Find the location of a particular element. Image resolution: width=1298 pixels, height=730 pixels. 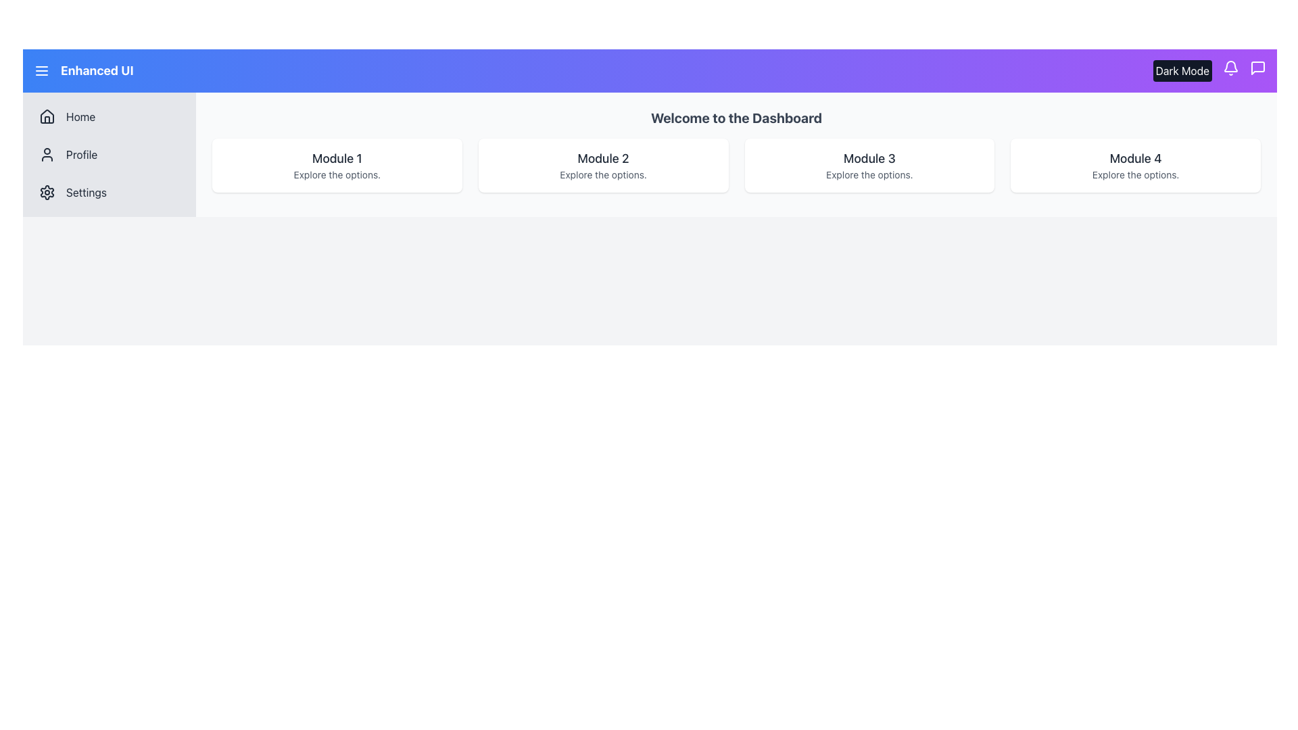

the notification bell icon, which is outlined in white on a purple background and is the second icon from the right in the top navigation bar is located at coordinates (1230, 68).